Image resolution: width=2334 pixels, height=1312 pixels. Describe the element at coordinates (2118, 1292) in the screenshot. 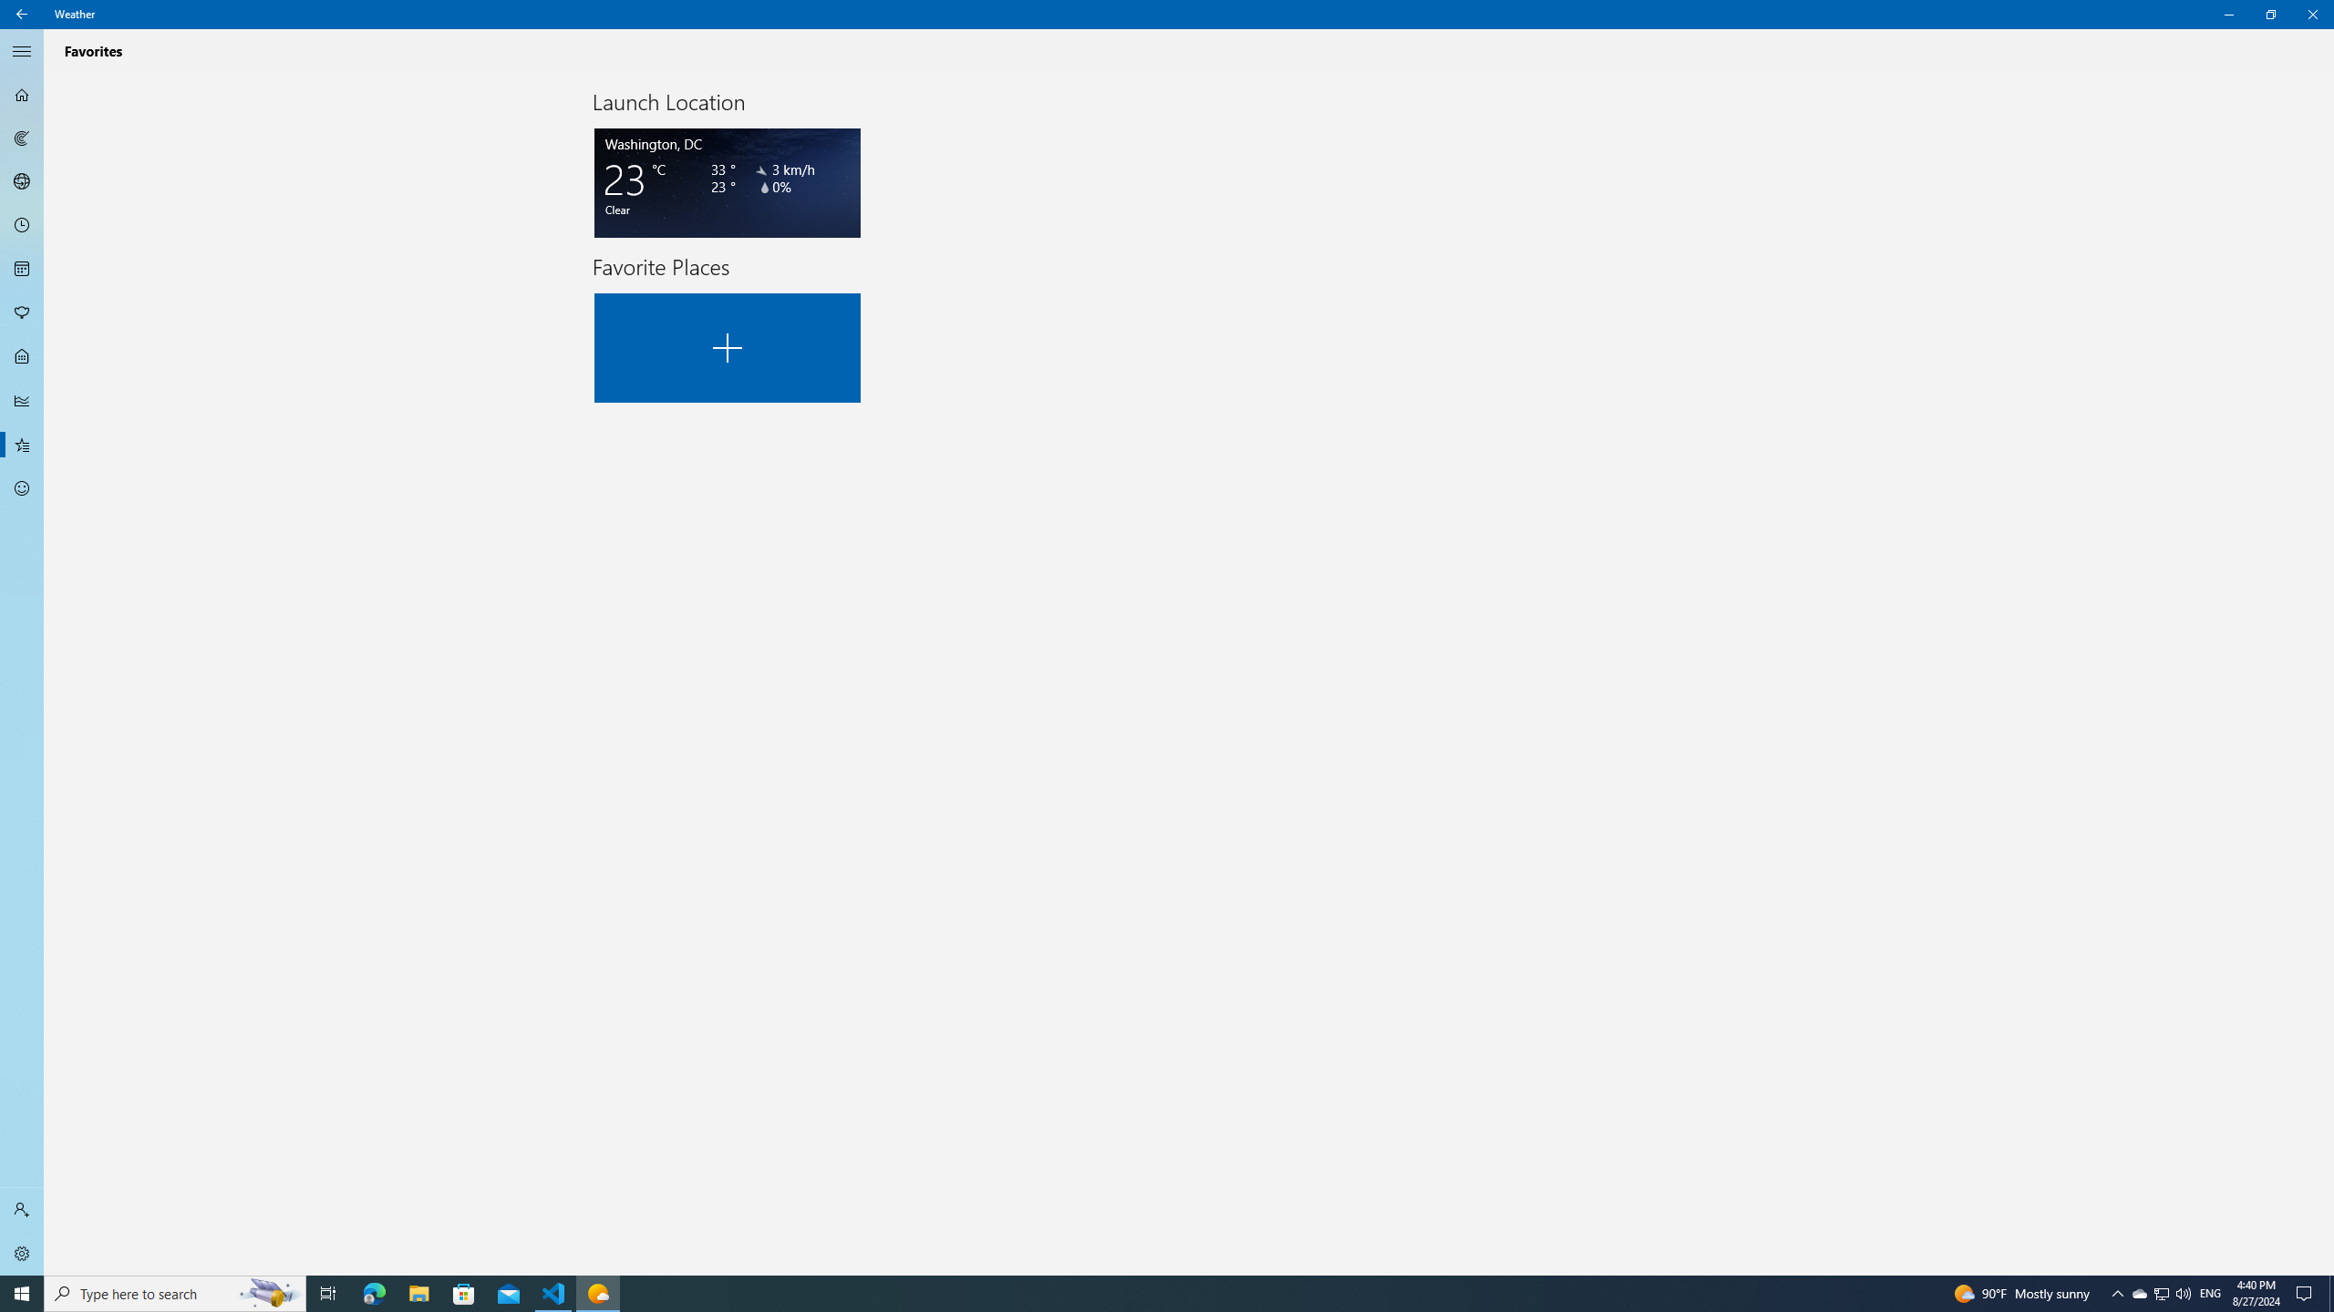

I see `'Notification Chevron'` at that location.